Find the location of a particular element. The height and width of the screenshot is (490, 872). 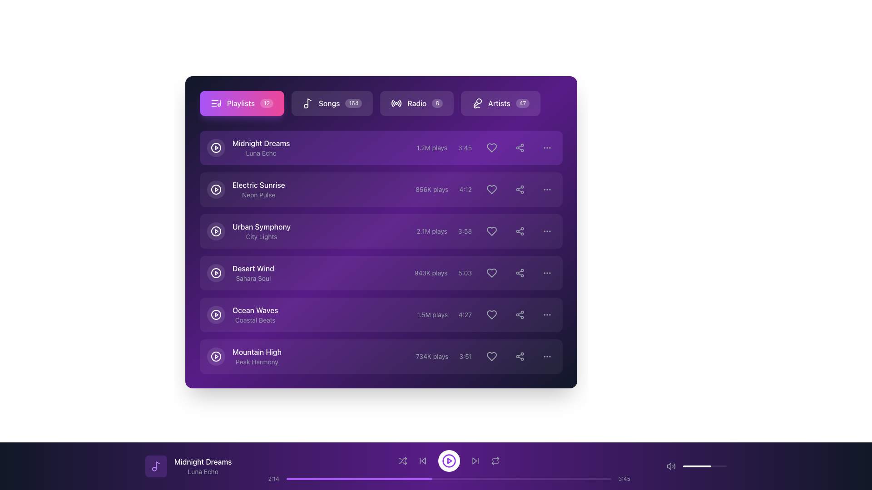

the text label displaying the number '12' inside the 'Playlists' button, which has a light pink semi-transparent background and is adjacent to the 'Playlists' text is located at coordinates (266, 103).